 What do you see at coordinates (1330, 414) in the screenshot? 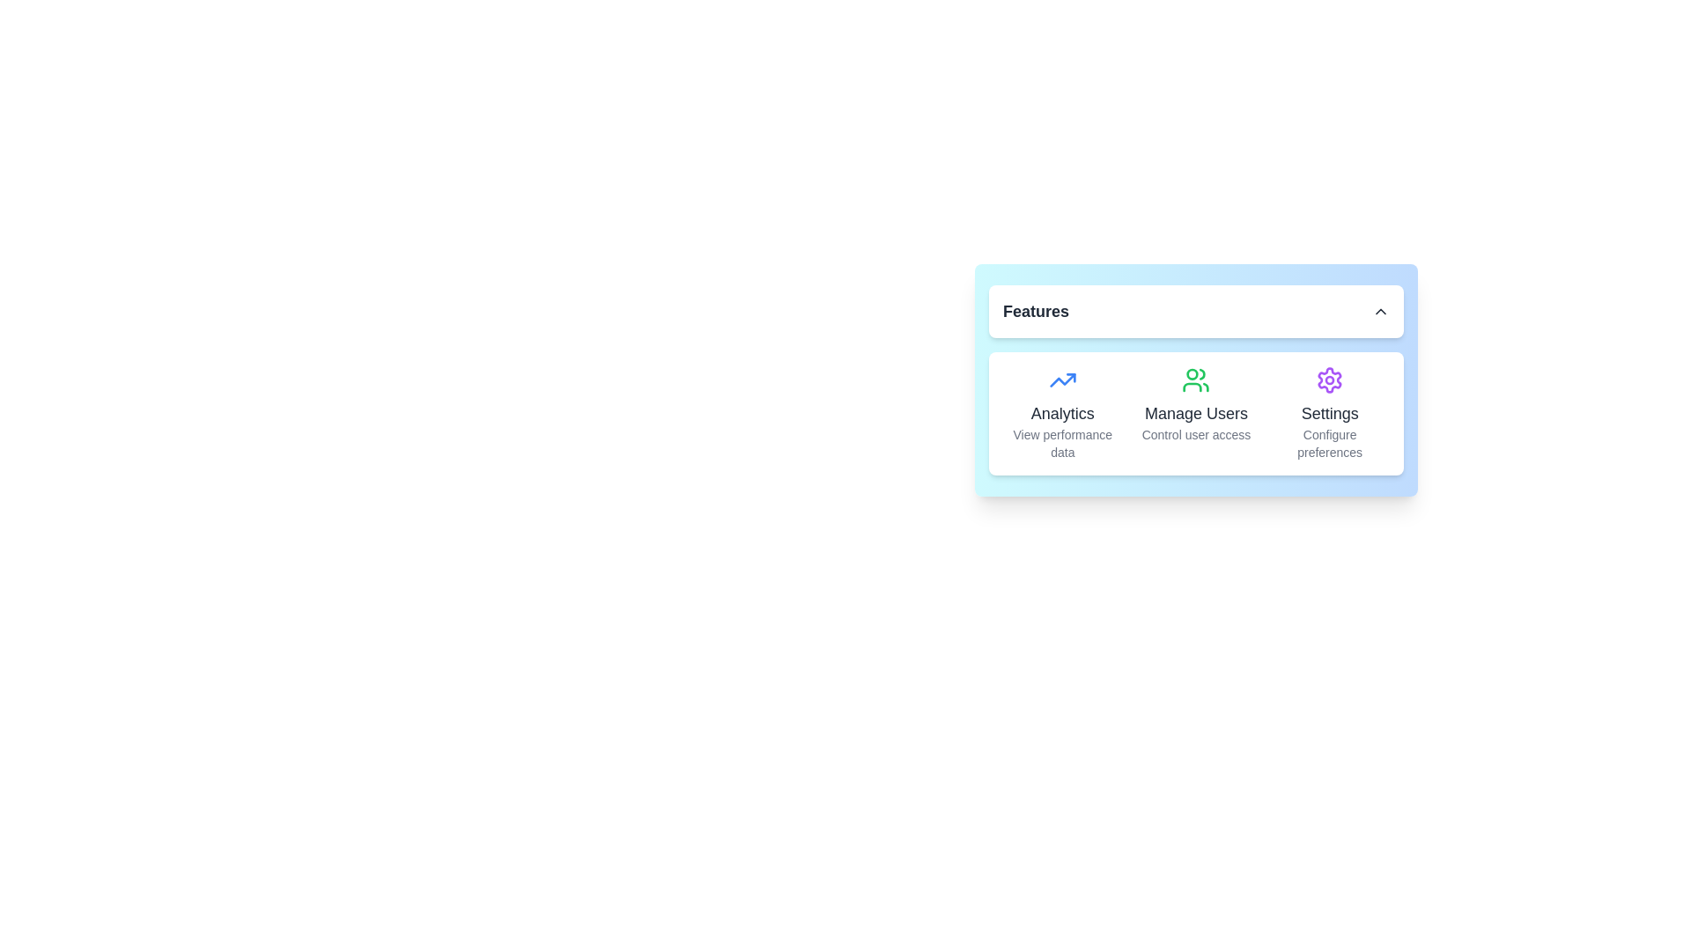
I see `text label that serves as the title for the settings section, located below the gear icon and aligned with other items like 'Analytics' and 'Manage Users'` at bounding box center [1330, 414].